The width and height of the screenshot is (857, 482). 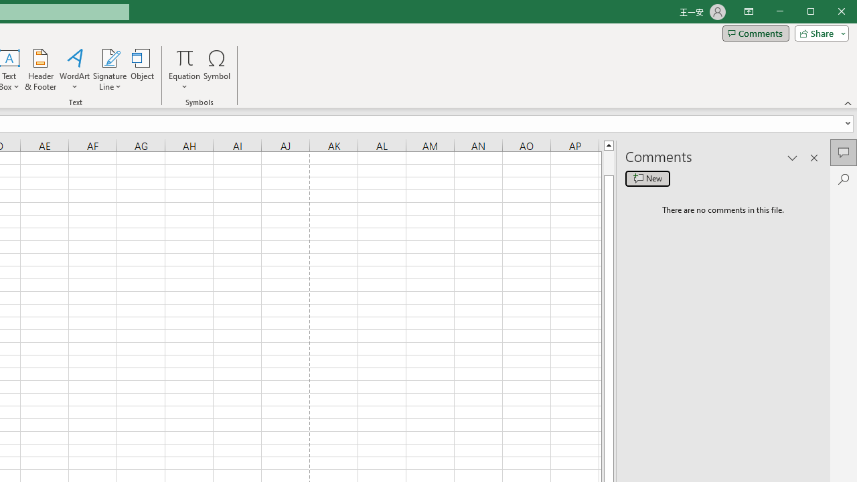 What do you see at coordinates (40, 70) in the screenshot?
I see `'Header & Footer...'` at bounding box center [40, 70].